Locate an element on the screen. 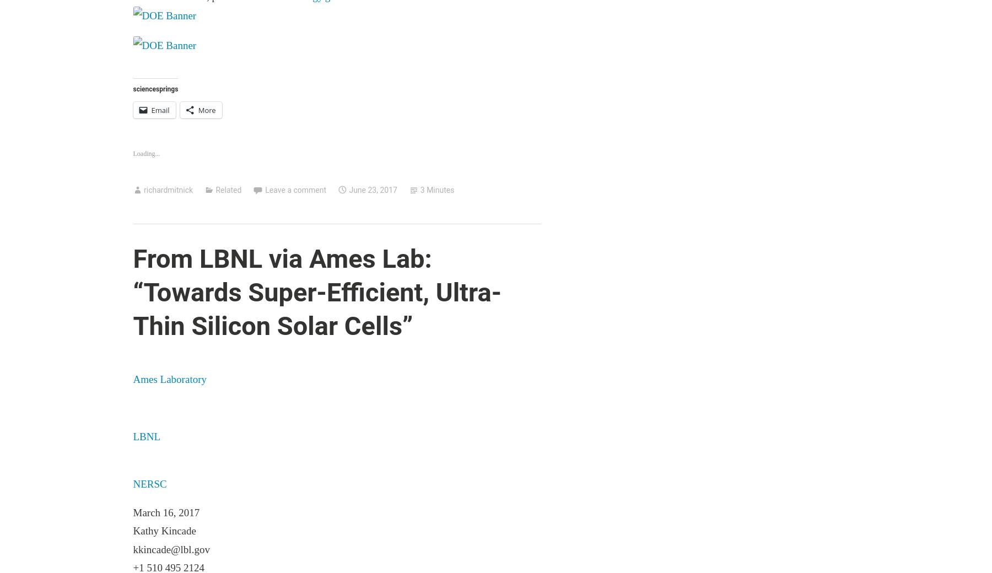  'LBNL' is located at coordinates (146, 436).